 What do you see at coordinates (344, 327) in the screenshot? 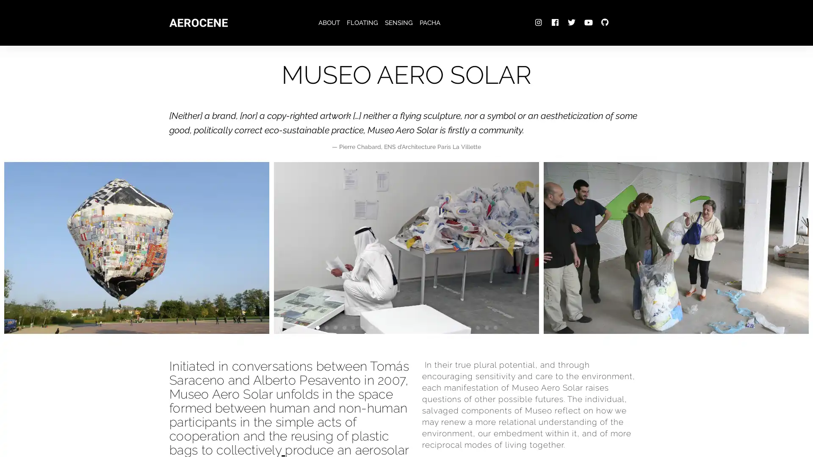
I see `Go to slide 4` at bounding box center [344, 327].